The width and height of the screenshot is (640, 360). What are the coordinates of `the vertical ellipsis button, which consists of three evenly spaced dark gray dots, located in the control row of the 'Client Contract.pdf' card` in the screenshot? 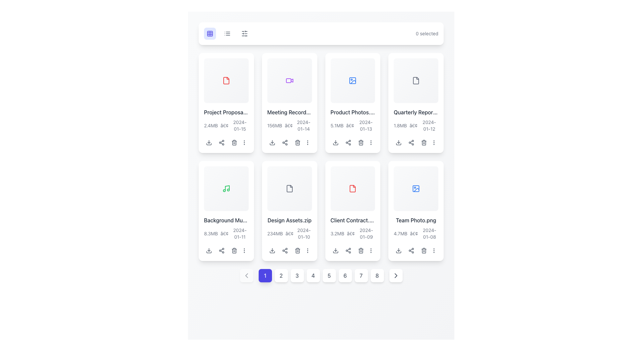 It's located at (370, 250).